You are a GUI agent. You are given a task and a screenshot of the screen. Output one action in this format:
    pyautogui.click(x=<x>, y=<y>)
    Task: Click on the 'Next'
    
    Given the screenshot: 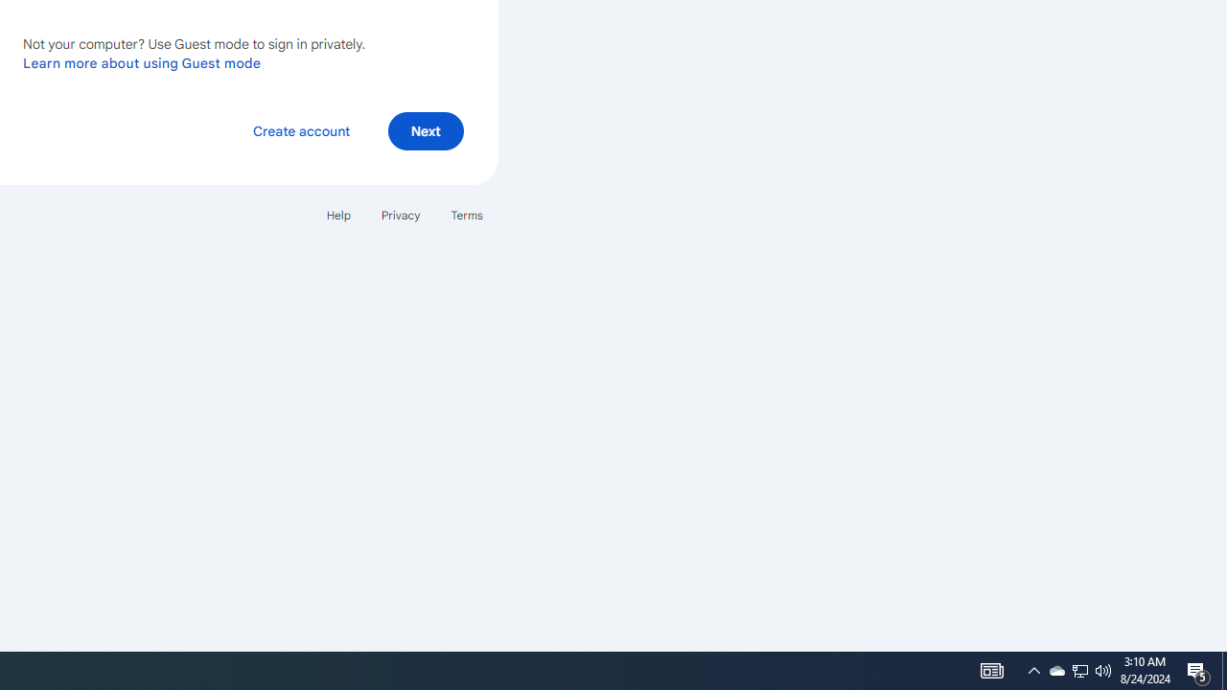 What is the action you would take?
    pyautogui.click(x=425, y=129)
    